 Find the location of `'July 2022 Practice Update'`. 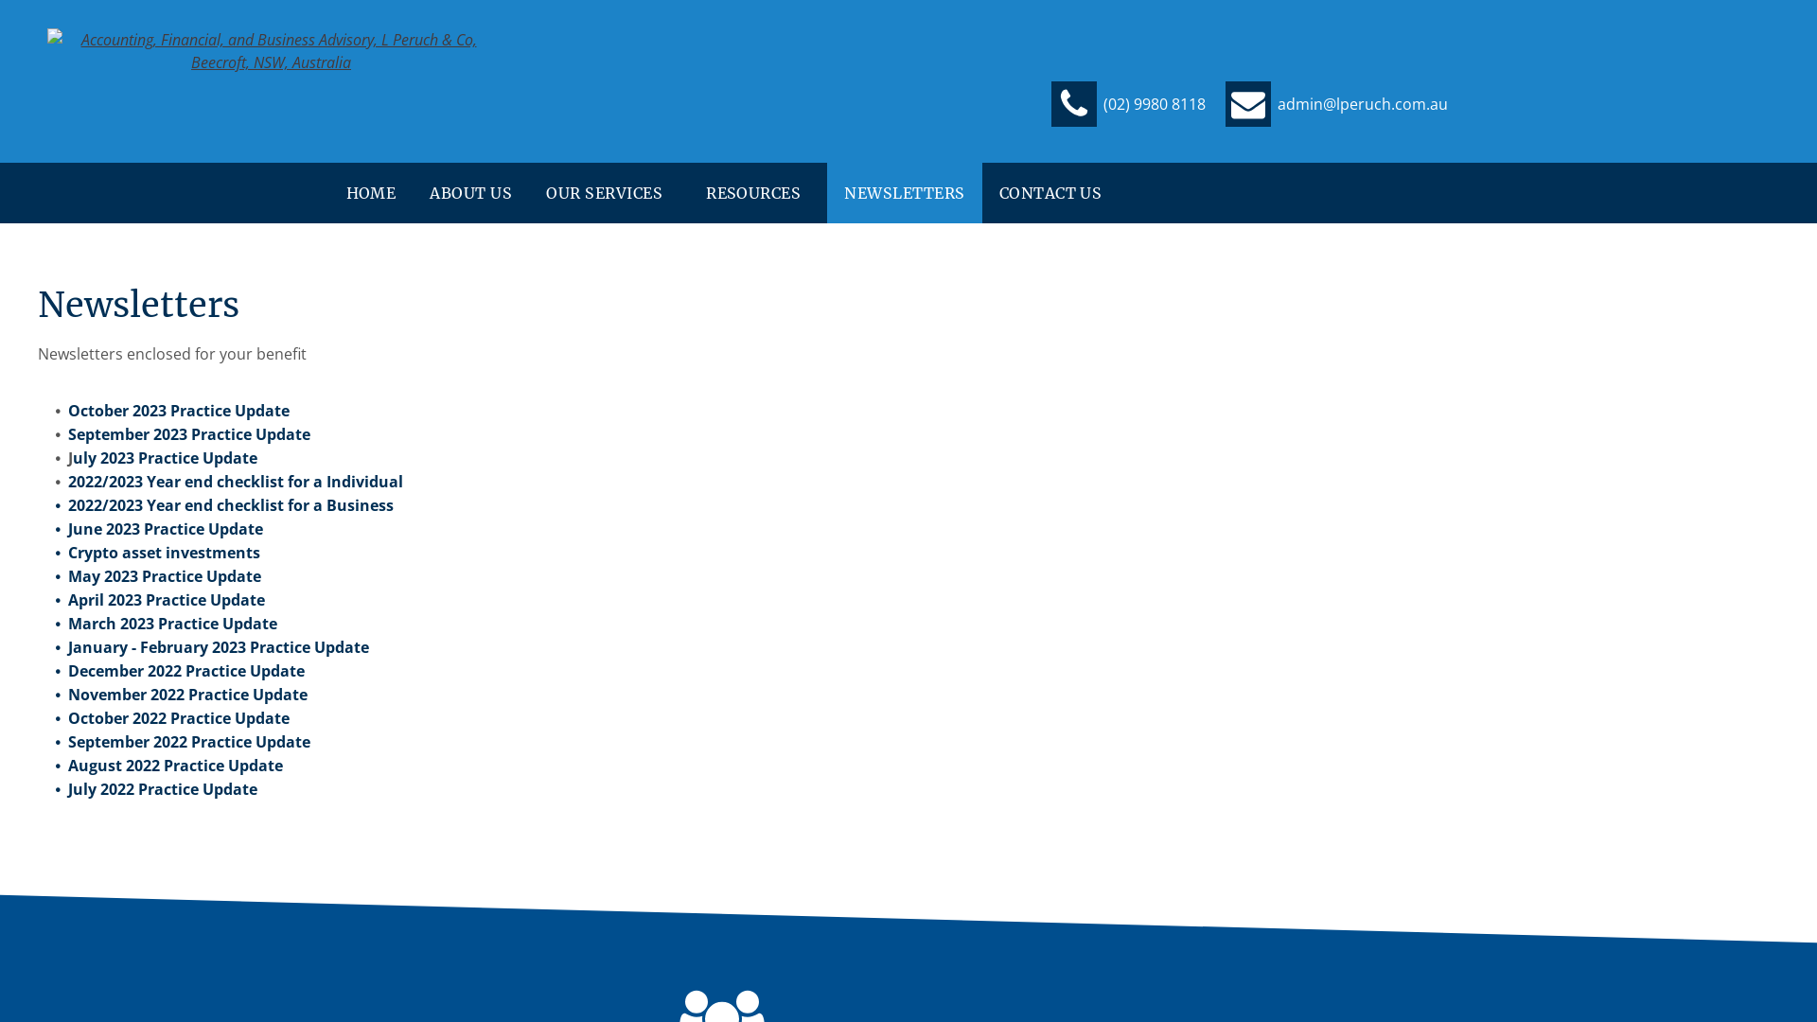

'July 2022 Practice Update' is located at coordinates (163, 788).